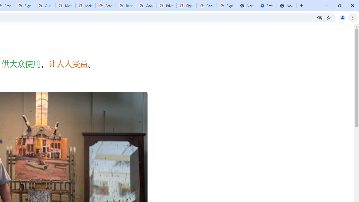 Image resolution: width=359 pixels, height=202 pixels. What do you see at coordinates (352, 6) in the screenshot?
I see `'Close'` at bounding box center [352, 6].